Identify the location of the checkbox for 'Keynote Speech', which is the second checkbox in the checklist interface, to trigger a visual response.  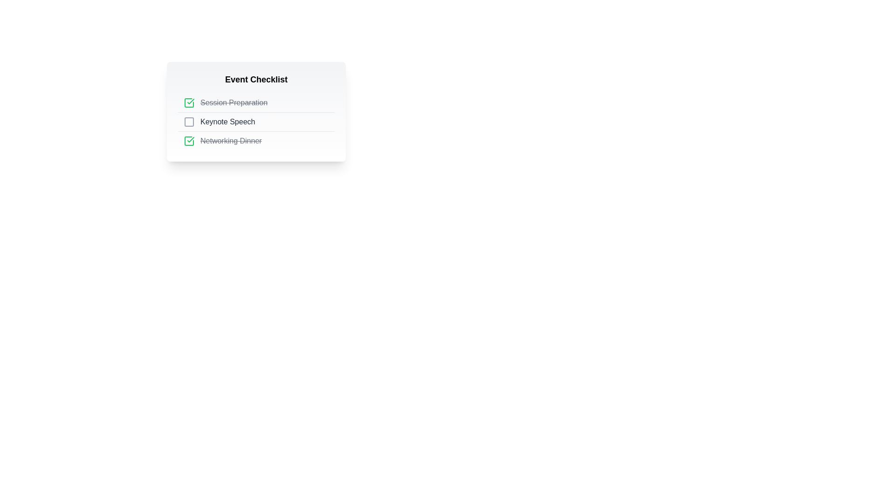
(189, 122).